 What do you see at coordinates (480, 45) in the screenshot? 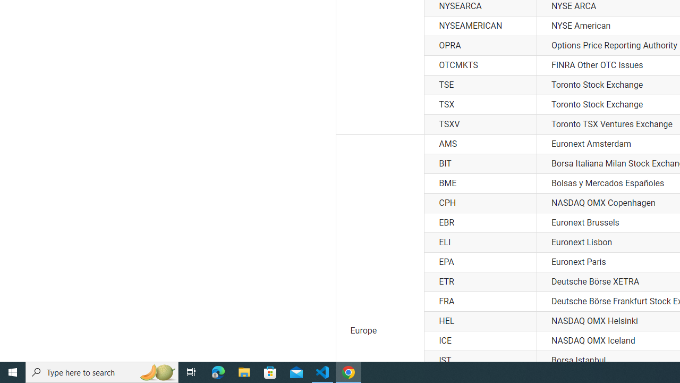
I see `'OPRA'` at bounding box center [480, 45].